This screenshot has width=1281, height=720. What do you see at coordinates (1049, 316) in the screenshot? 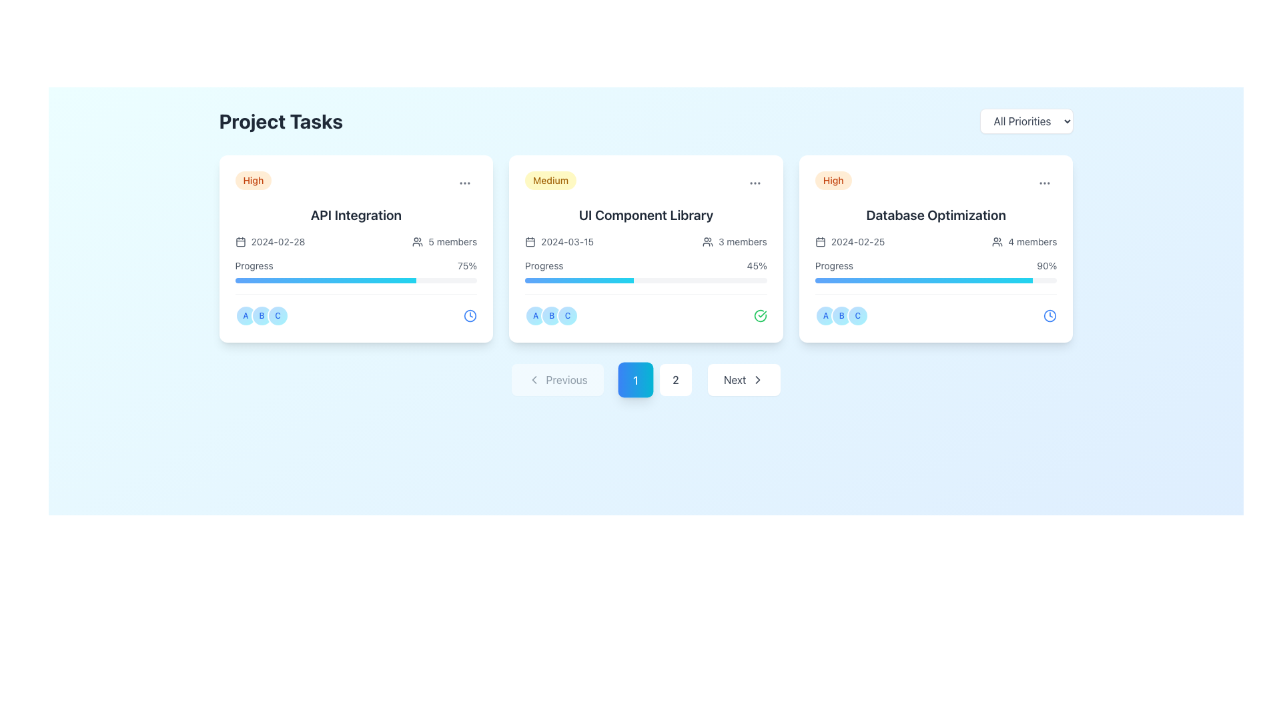
I see `the time-related icon located at the bottom-right corner of the 'Database Optimization' project card` at bounding box center [1049, 316].